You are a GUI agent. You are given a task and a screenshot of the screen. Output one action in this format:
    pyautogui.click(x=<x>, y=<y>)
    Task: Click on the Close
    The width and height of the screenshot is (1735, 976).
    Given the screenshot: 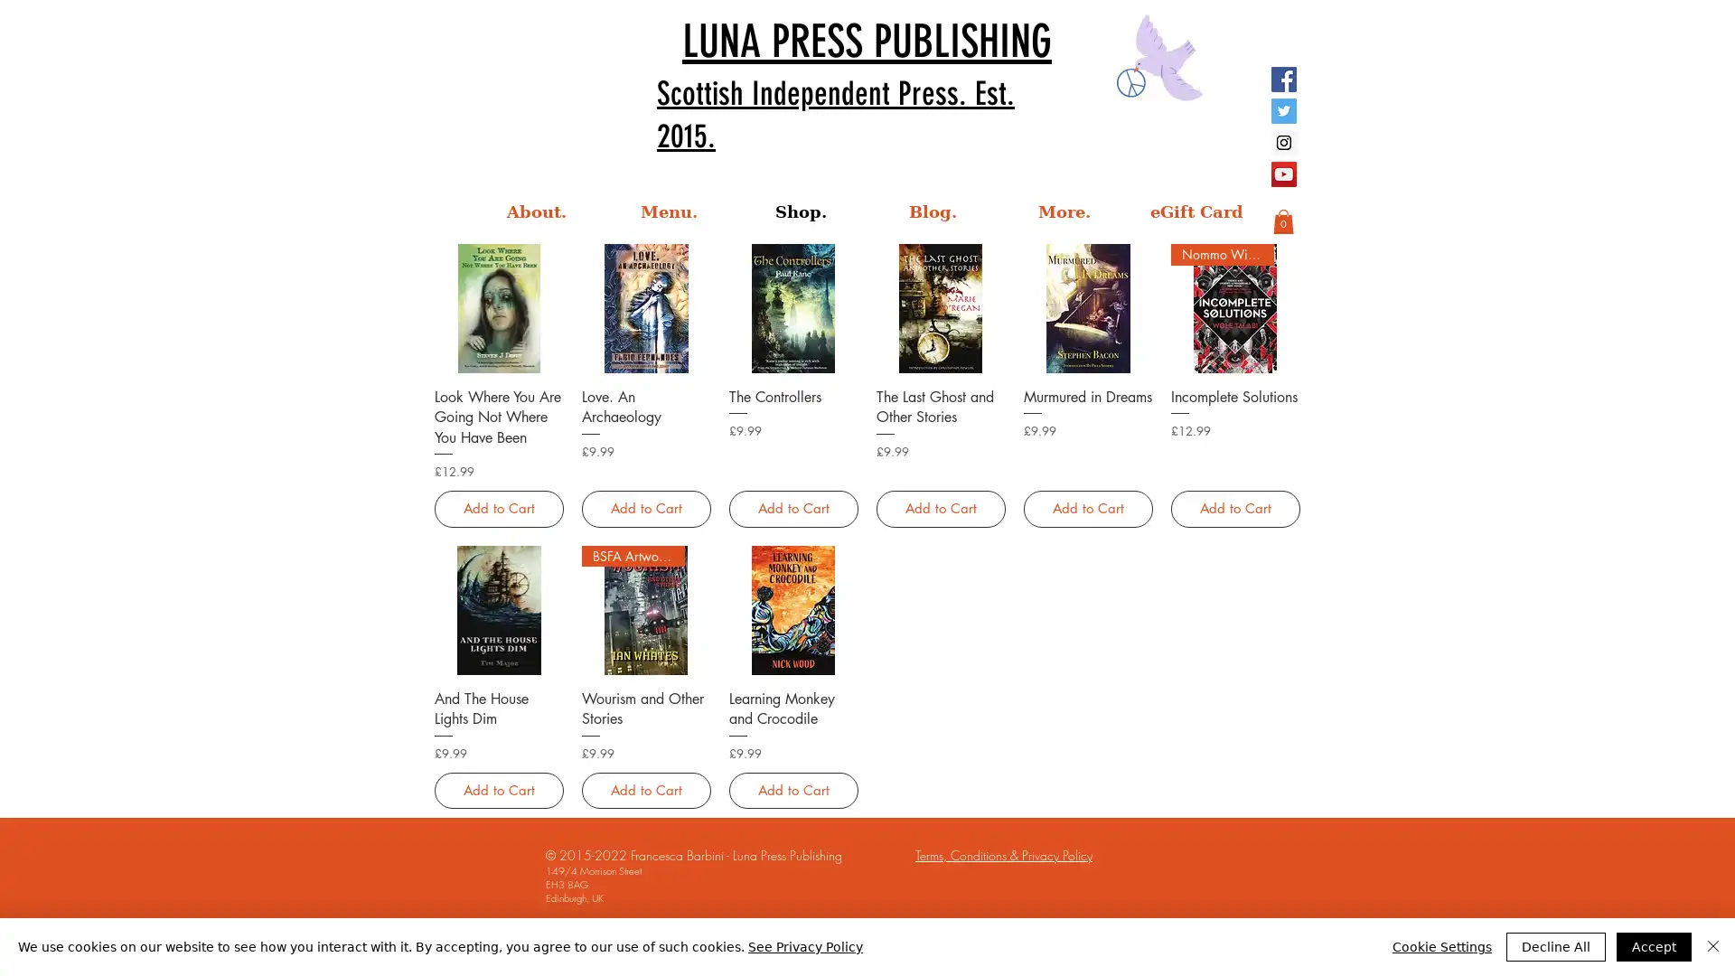 What is the action you would take?
    pyautogui.click(x=1712, y=946)
    